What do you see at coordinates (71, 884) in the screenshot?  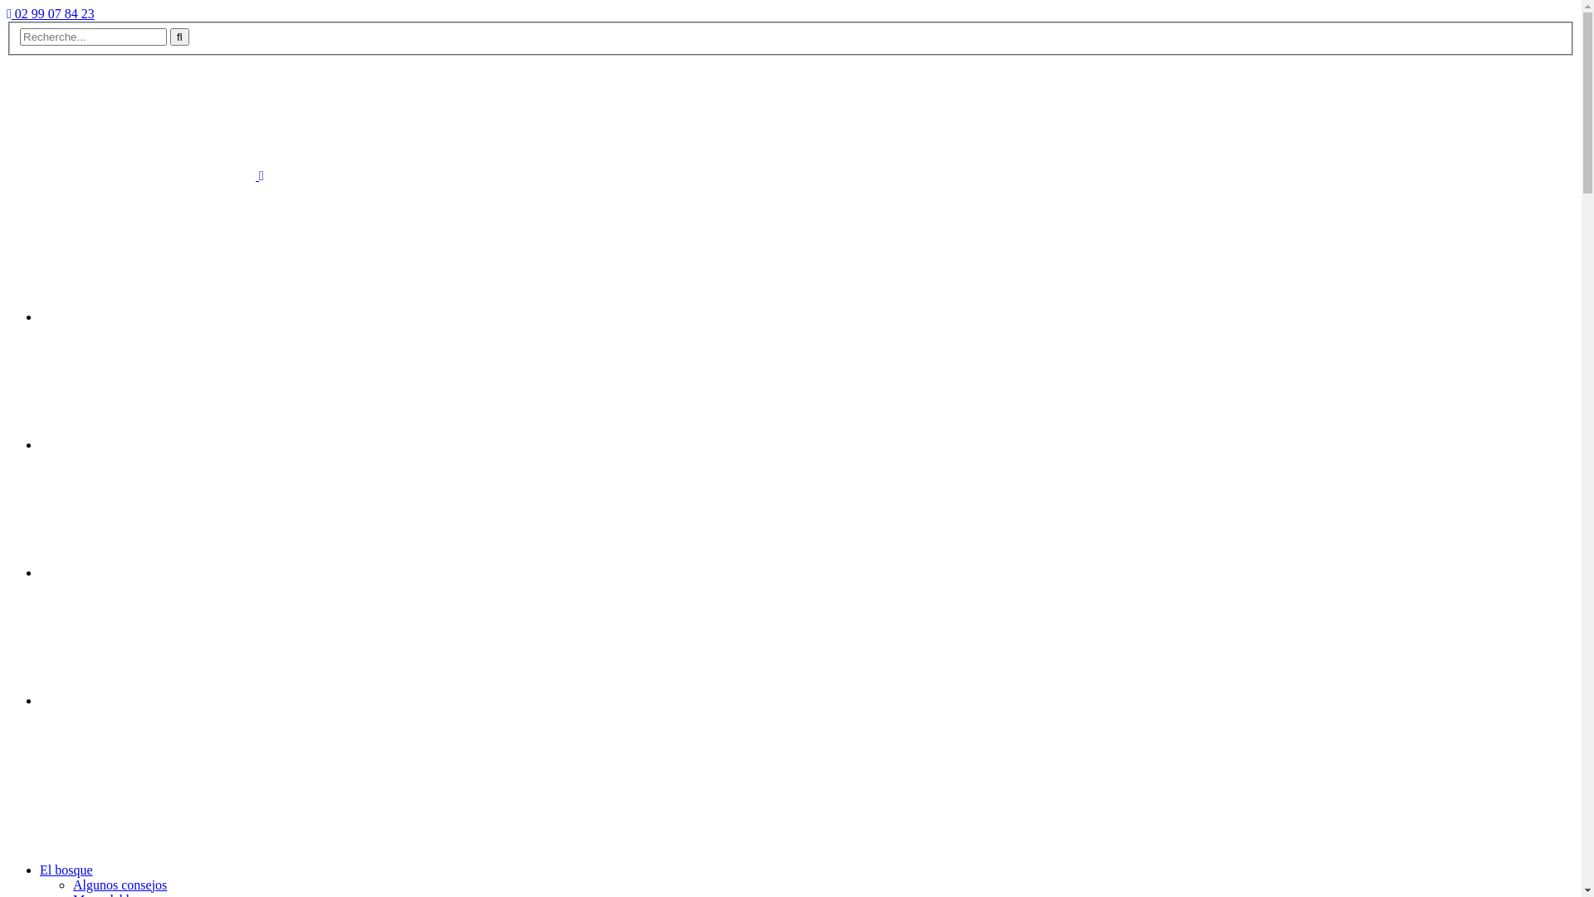 I see `'Algunos consejos'` at bounding box center [71, 884].